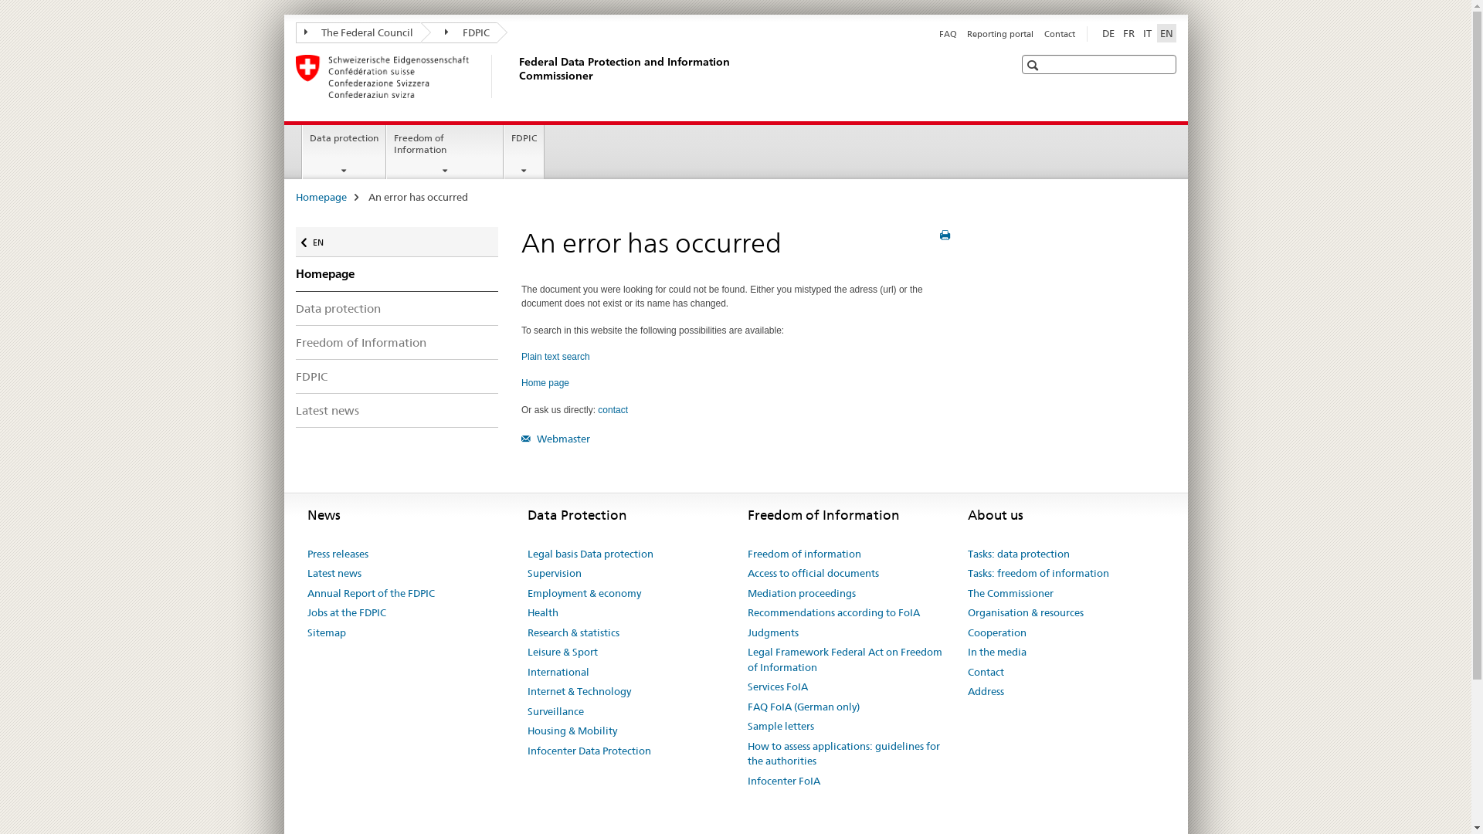  Describe the element at coordinates (778, 687) in the screenshot. I see `'Services FoIA'` at that location.